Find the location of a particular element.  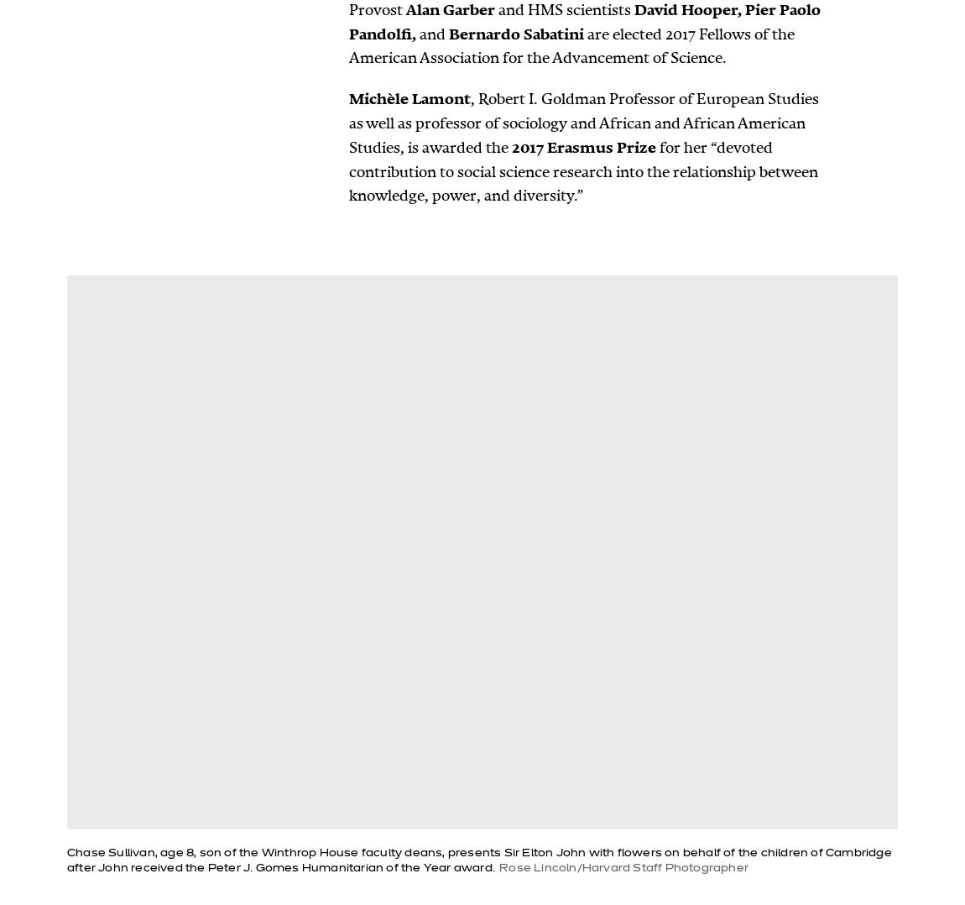

'Chase Sullivan, age 8, son of the Winthrop House faculty deans, presents Sir Elton John with flowers on behalf of the children of Cambridge after John received the Peter J. Gomes Humanitarian of the Year award.' is located at coordinates (478, 861).